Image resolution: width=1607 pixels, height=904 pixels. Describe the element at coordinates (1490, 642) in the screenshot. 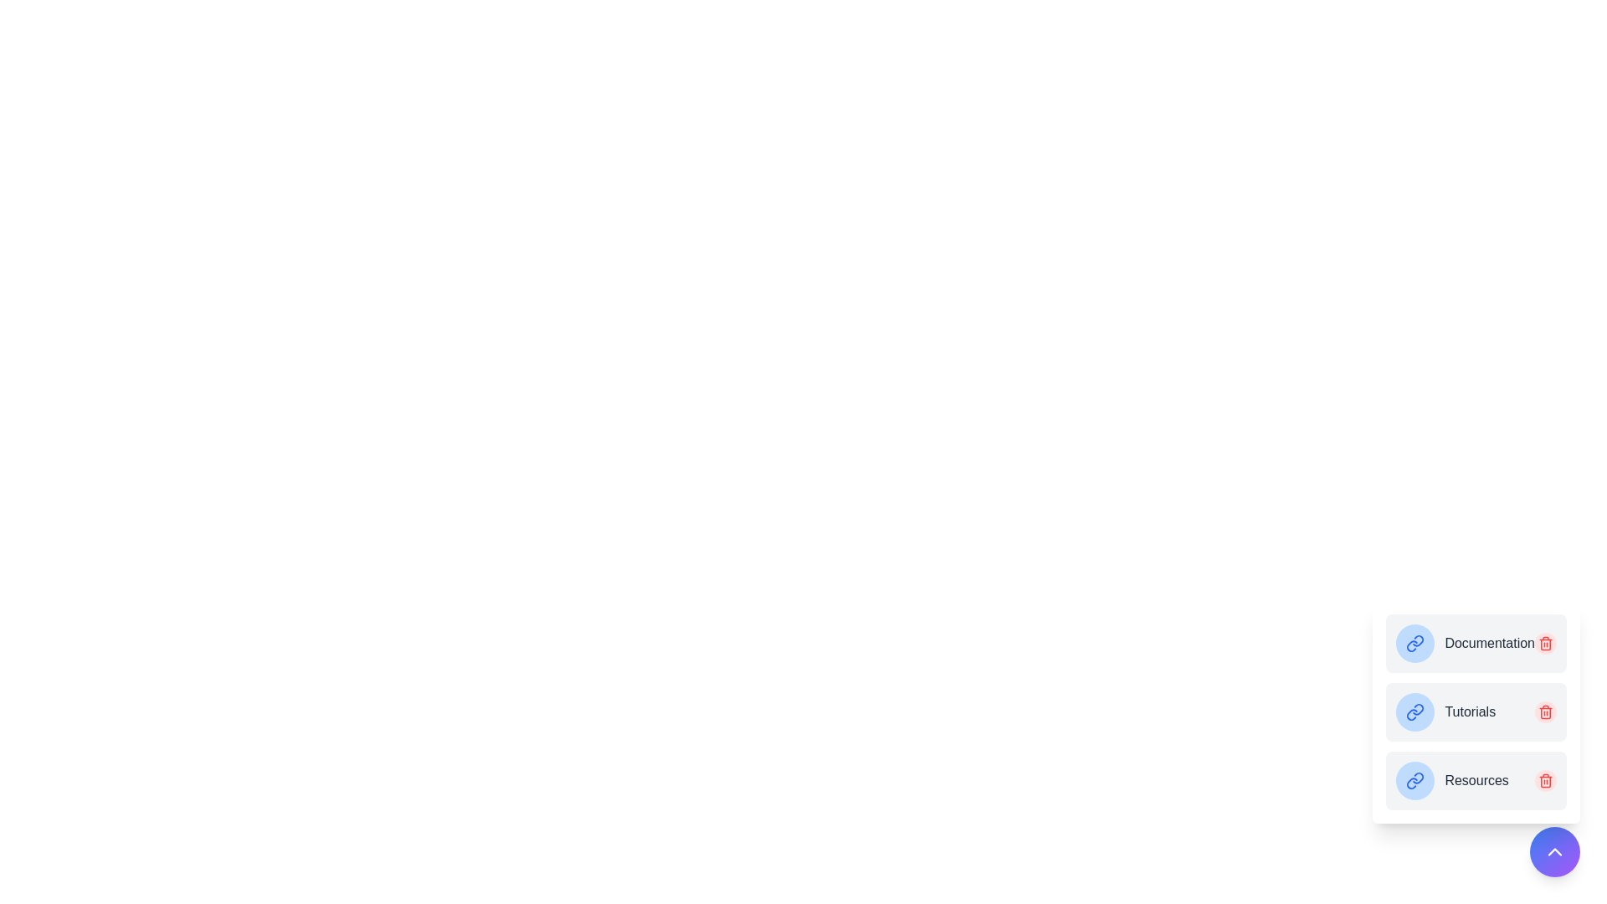

I see `the bookmark named Documentation to open its link` at that location.